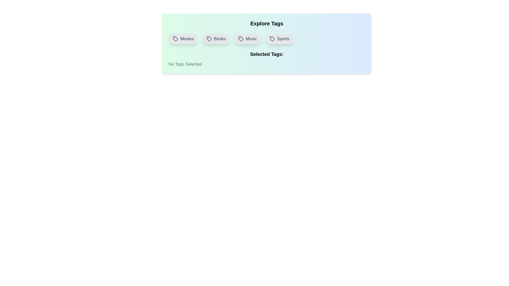  I want to click on the 'Movies' category icon in the 'Explore Tags' section, so click(175, 38).